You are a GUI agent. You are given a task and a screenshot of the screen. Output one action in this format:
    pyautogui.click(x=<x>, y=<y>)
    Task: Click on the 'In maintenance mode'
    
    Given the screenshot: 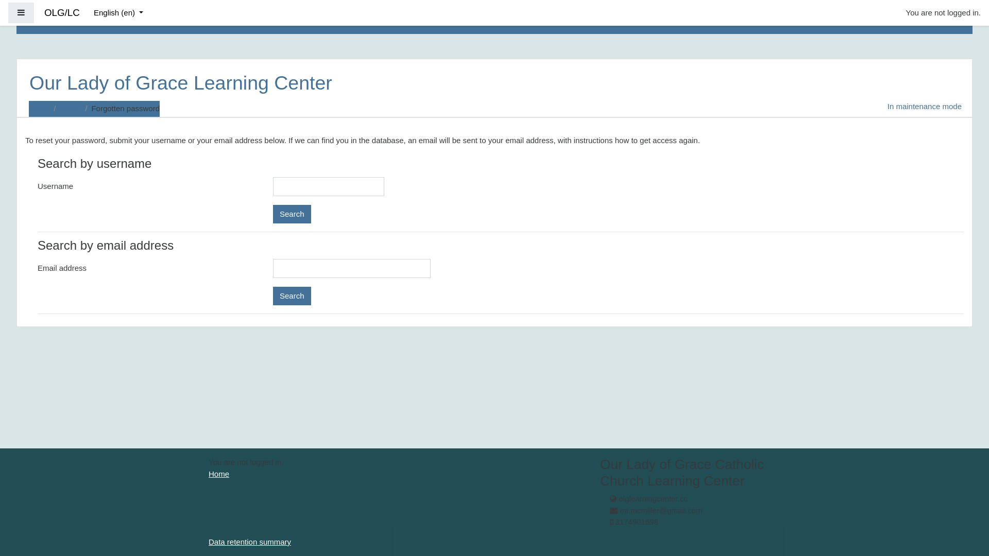 What is the action you would take?
    pyautogui.click(x=925, y=109)
    